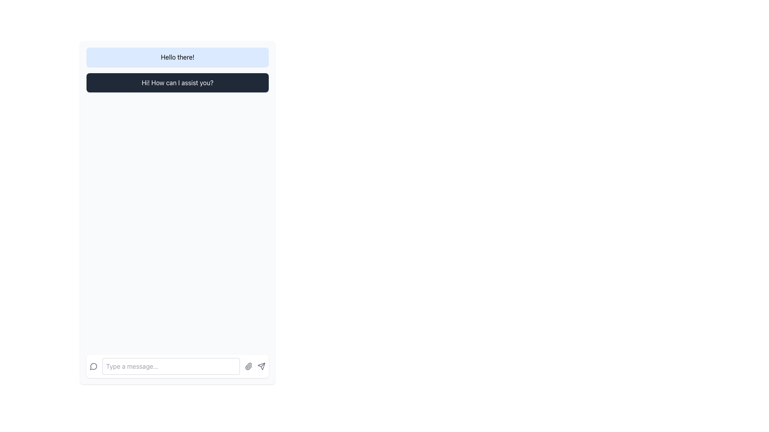 The height and width of the screenshot is (432, 769). What do you see at coordinates (261, 366) in the screenshot?
I see `the send icon button located at the far right of the chat input area to change its color` at bounding box center [261, 366].